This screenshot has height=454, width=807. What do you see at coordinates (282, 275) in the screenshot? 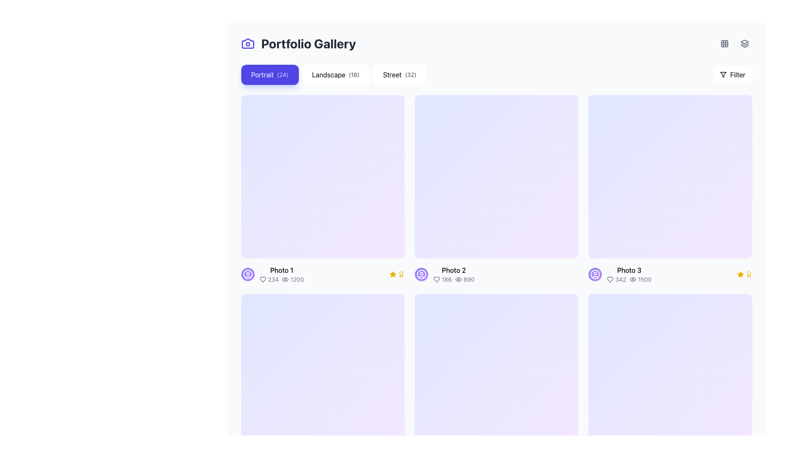
I see `the Information Panel element that contains the heading 'Photo 1' and additional details including the heart and eye icons for additional effects` at bounding box center [282, 275].